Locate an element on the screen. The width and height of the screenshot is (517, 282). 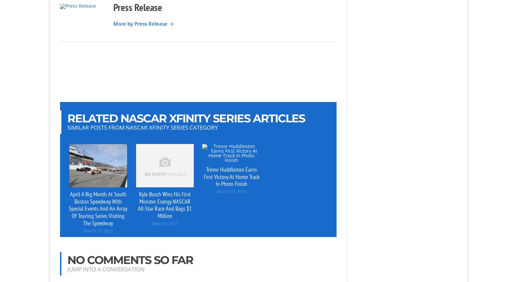
'March 31, 2019' is located at coordinates (231, 191).